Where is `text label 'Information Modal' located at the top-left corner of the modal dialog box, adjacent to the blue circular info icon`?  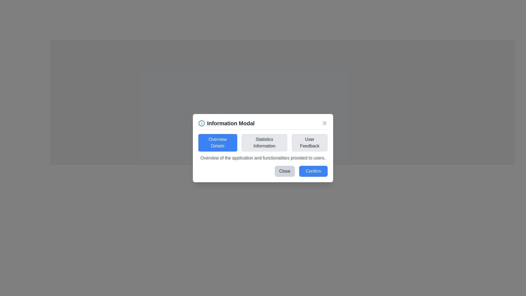
text label 'Information Modal' located at the top-left corner of the modal dialog box, adjacent to the blue circular info icon is located at coordinates (226, 123).